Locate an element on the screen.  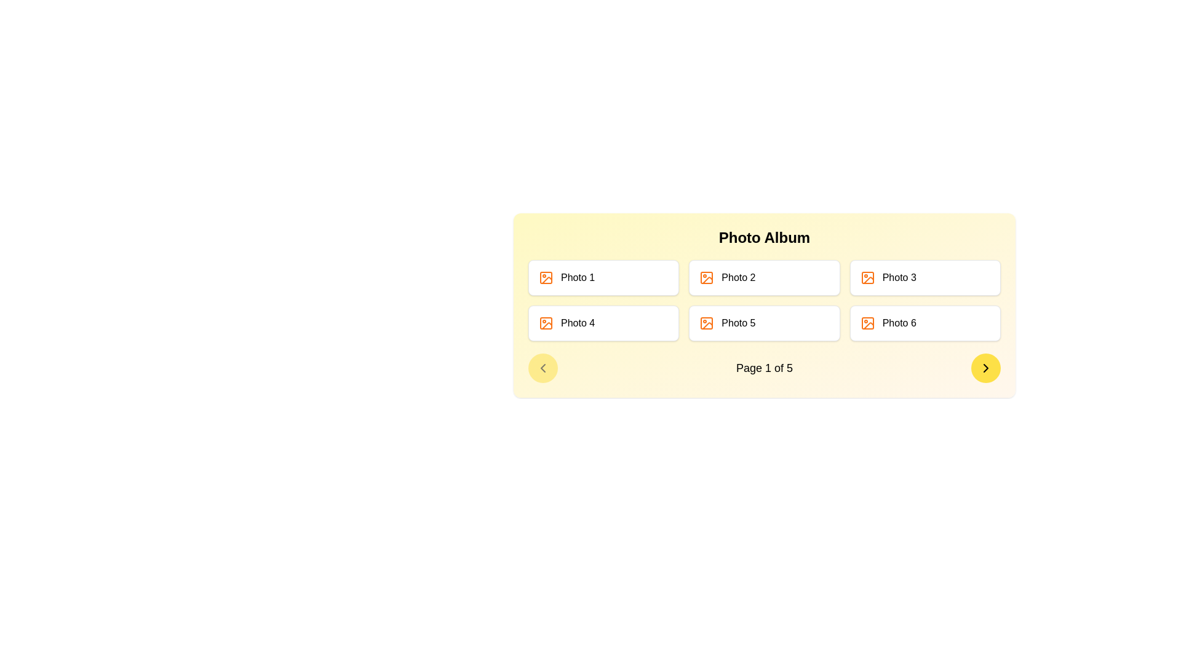
the 'Photo 4' icon within its button group is located at coordinates (546, 322).